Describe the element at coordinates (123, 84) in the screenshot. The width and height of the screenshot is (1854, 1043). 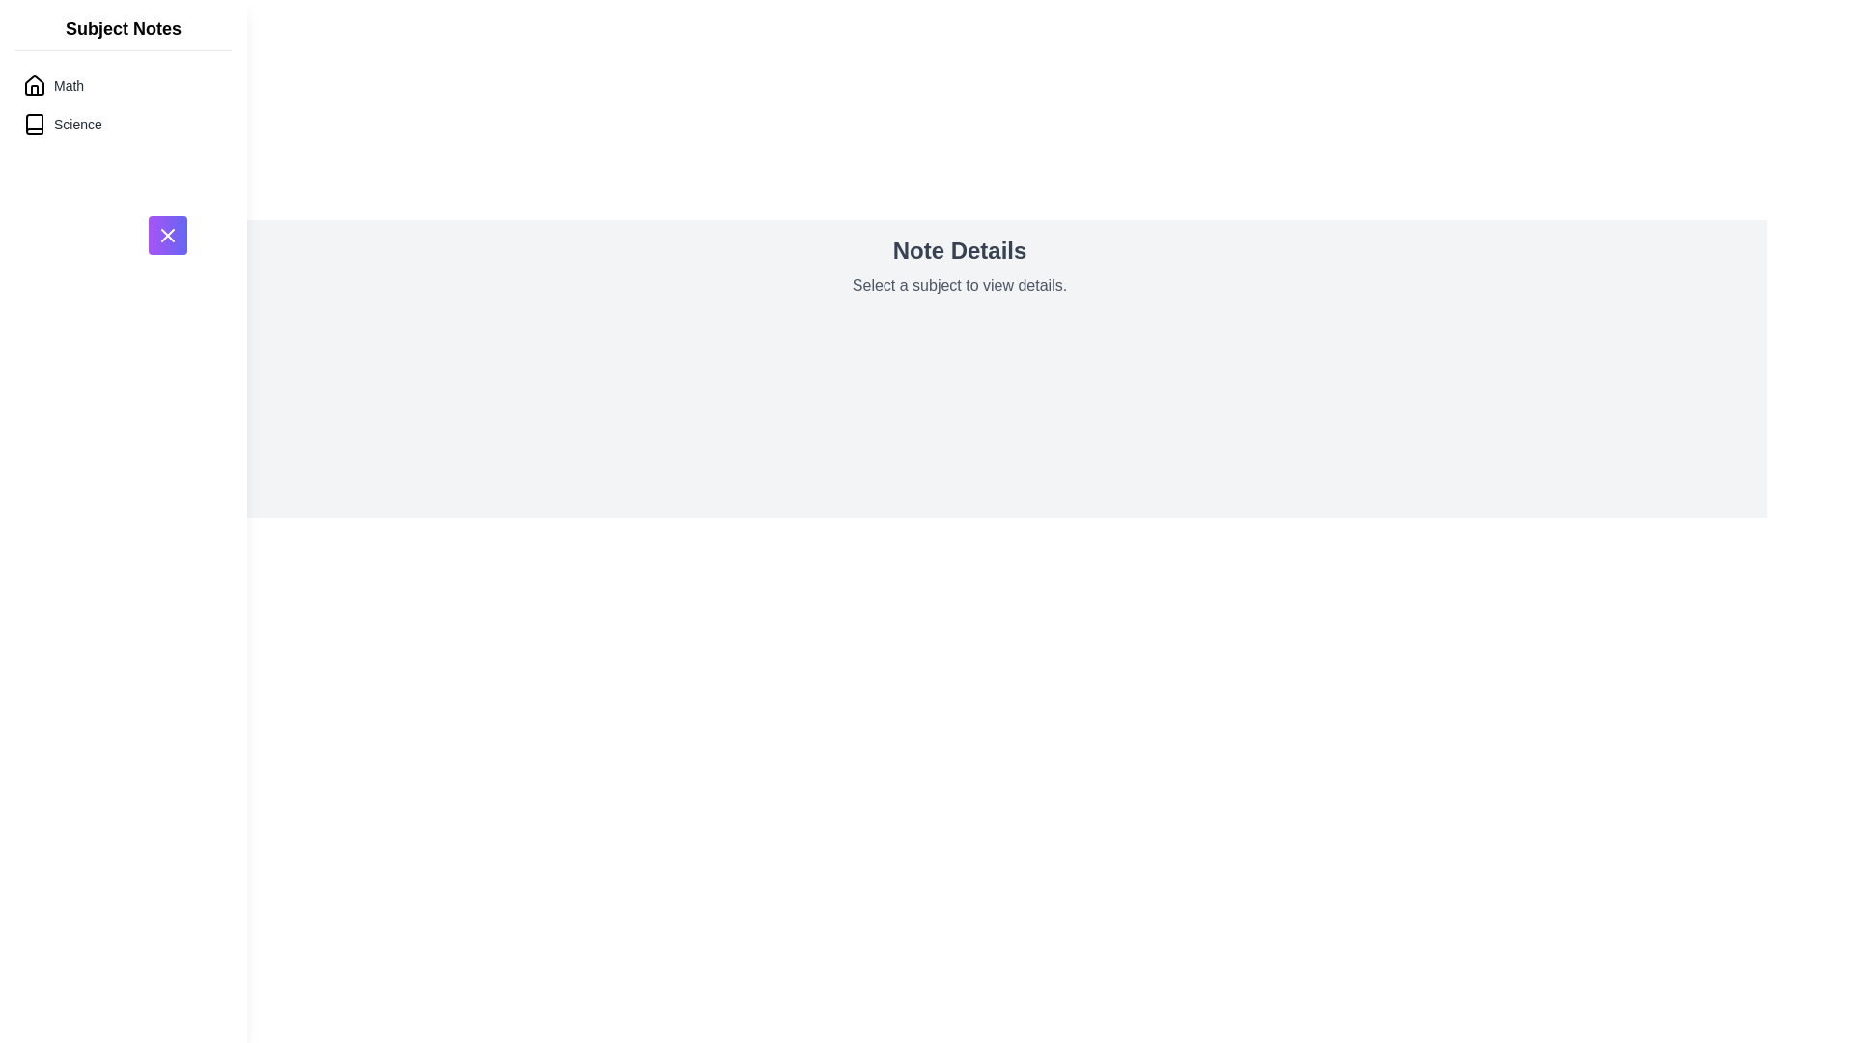
I see `the note titled Math in the drawer to select it` at that location.